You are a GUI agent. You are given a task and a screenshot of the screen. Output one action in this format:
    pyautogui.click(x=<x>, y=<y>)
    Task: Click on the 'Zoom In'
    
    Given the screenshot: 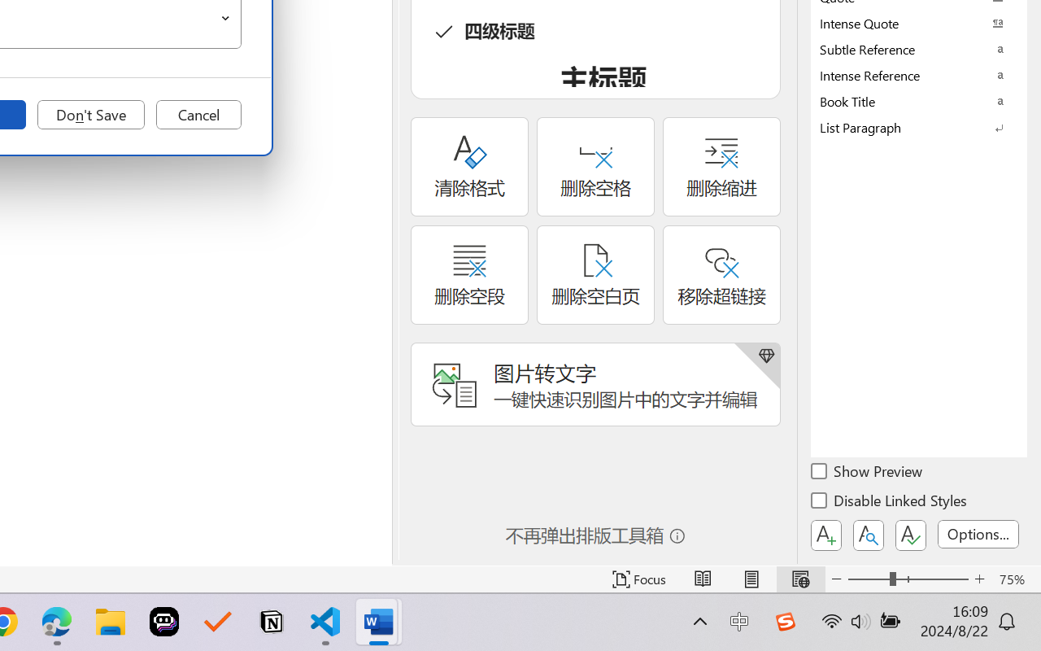 What is the action you would take?
    pyautogui.click(x=979, y=579)
    